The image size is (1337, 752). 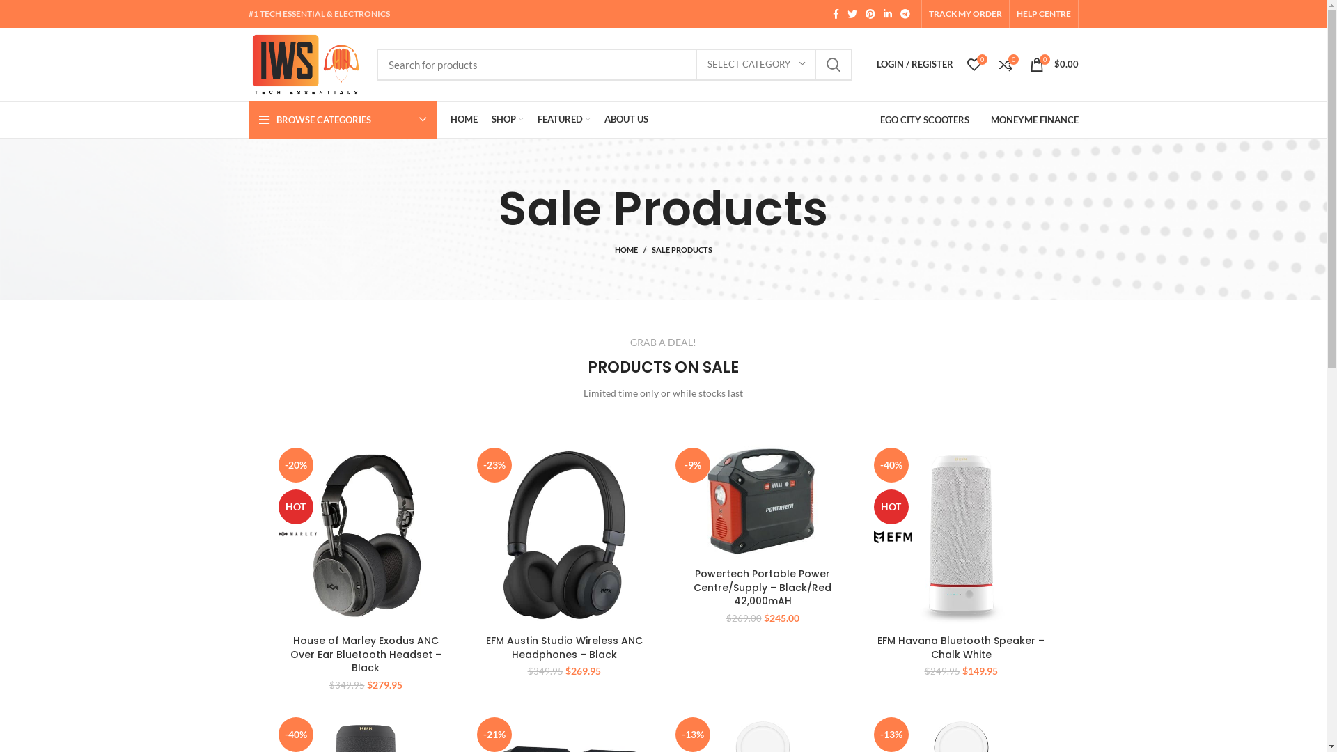 What do you see at coordinates (958, 64) in the screenshot?
I see `'0'` at bounding box center [958, 64].